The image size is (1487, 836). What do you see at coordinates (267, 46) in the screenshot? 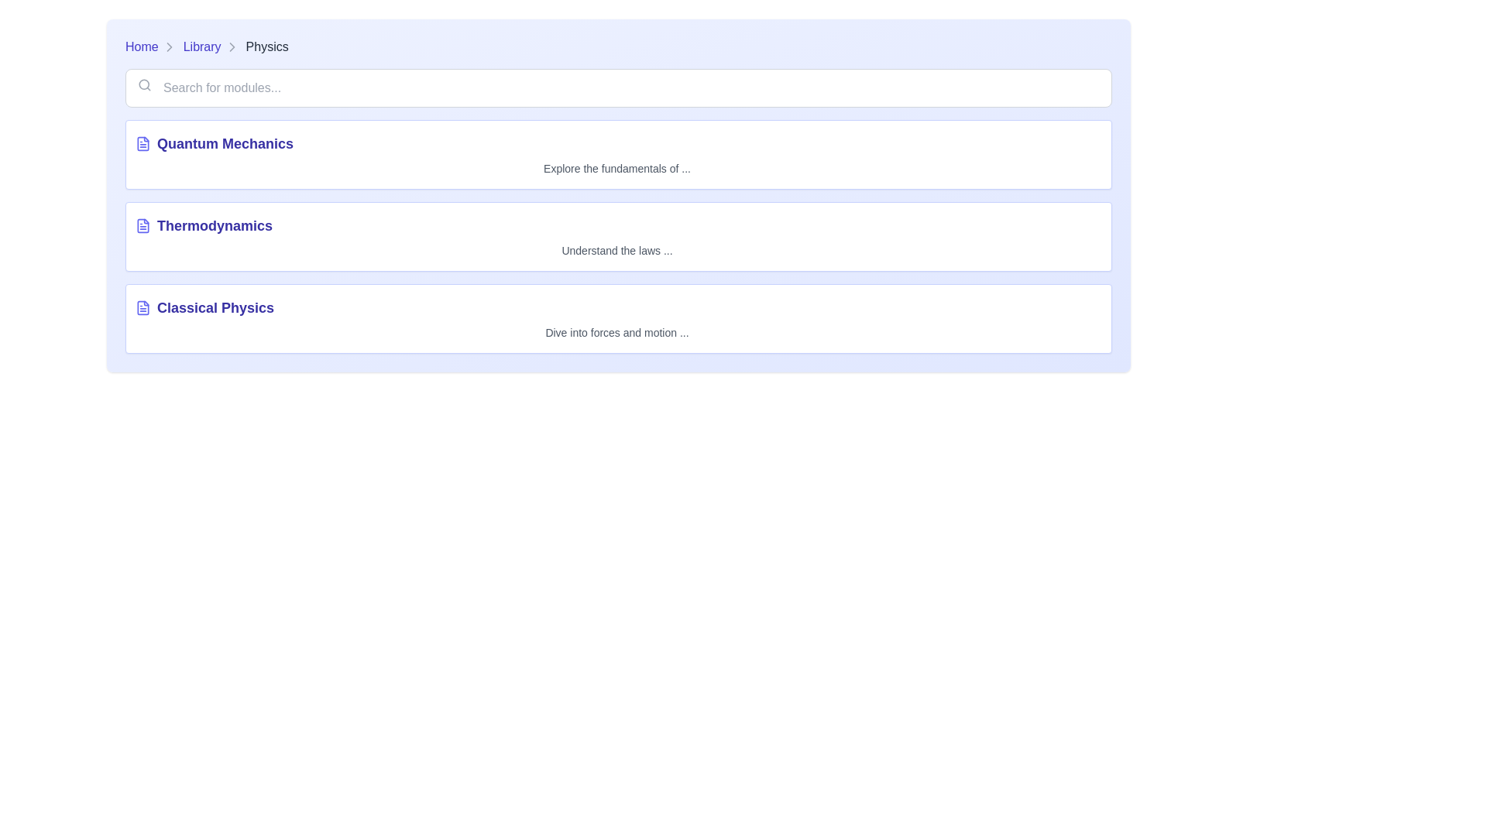
I see `the 'Physics' text label in the breadcrumb navigation bar, which is the third item in the sequence and displayed in bold grey font` at bounding box center [267, 46].